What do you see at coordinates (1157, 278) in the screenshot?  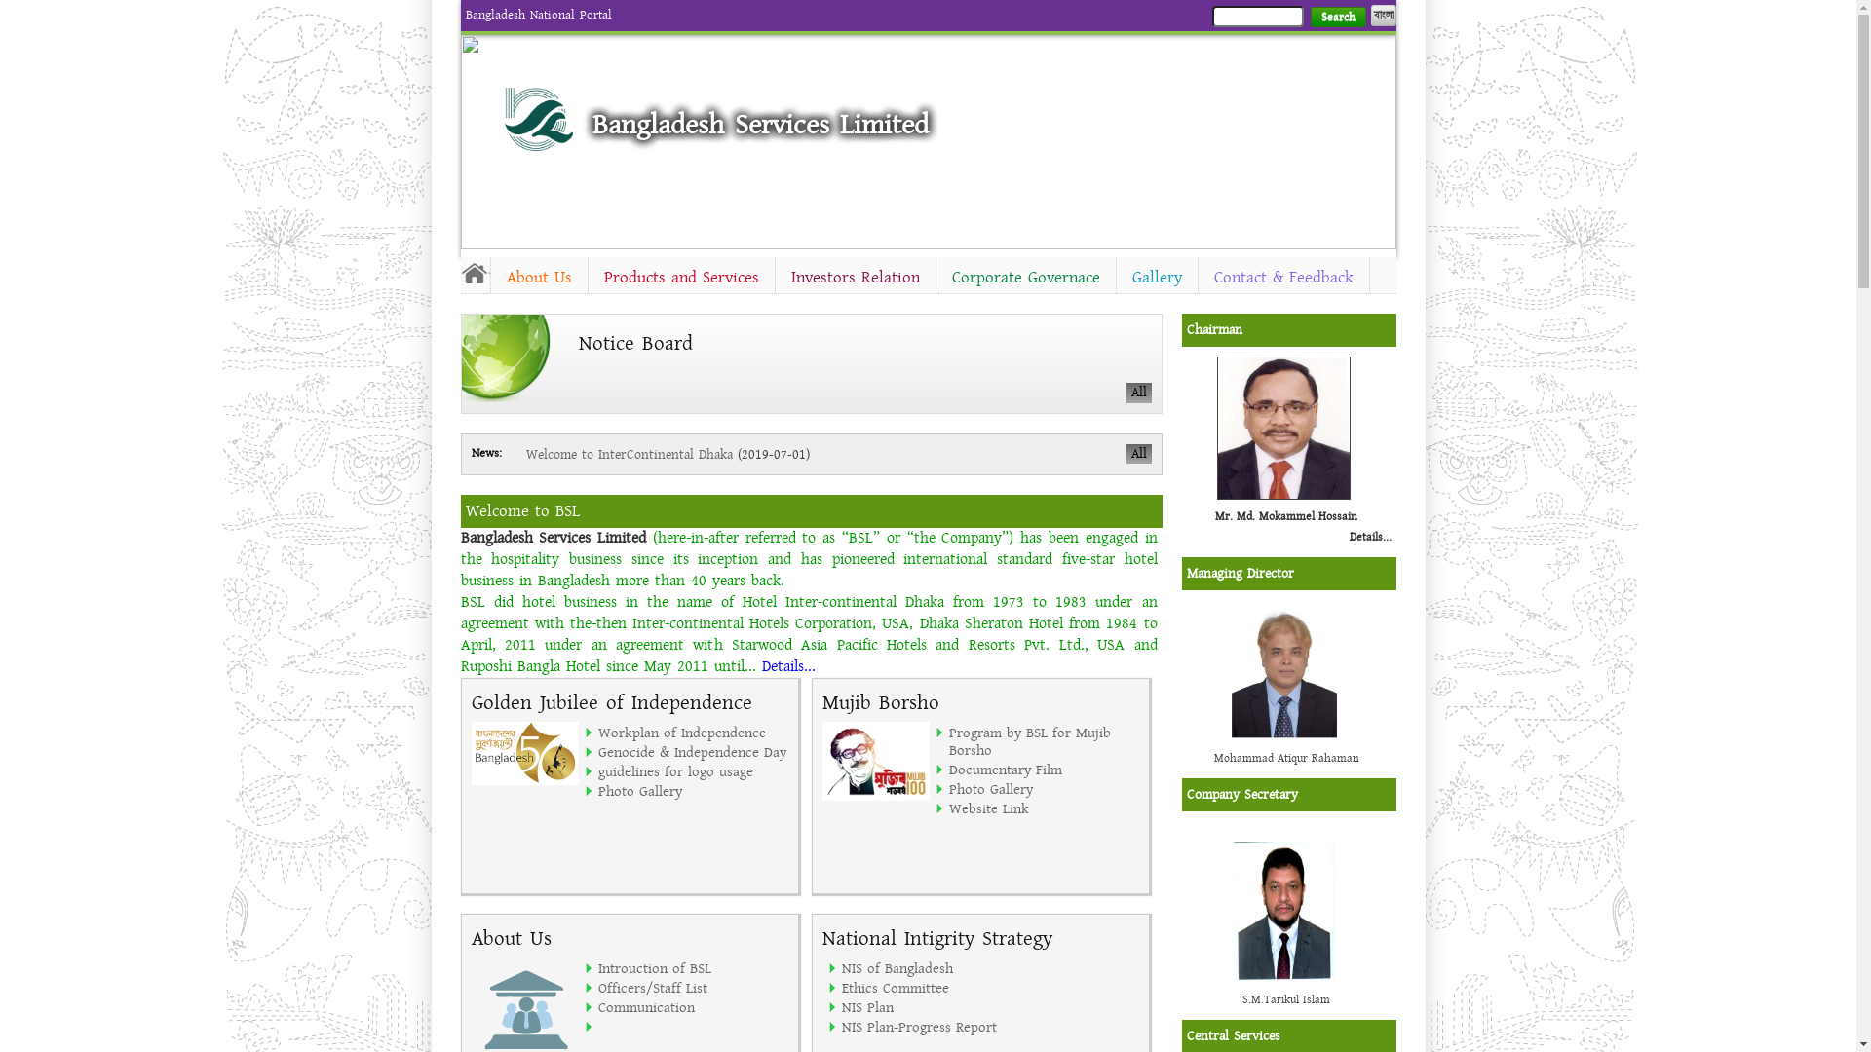 I see `'Gallery'` at bounding box center [1157, 278].